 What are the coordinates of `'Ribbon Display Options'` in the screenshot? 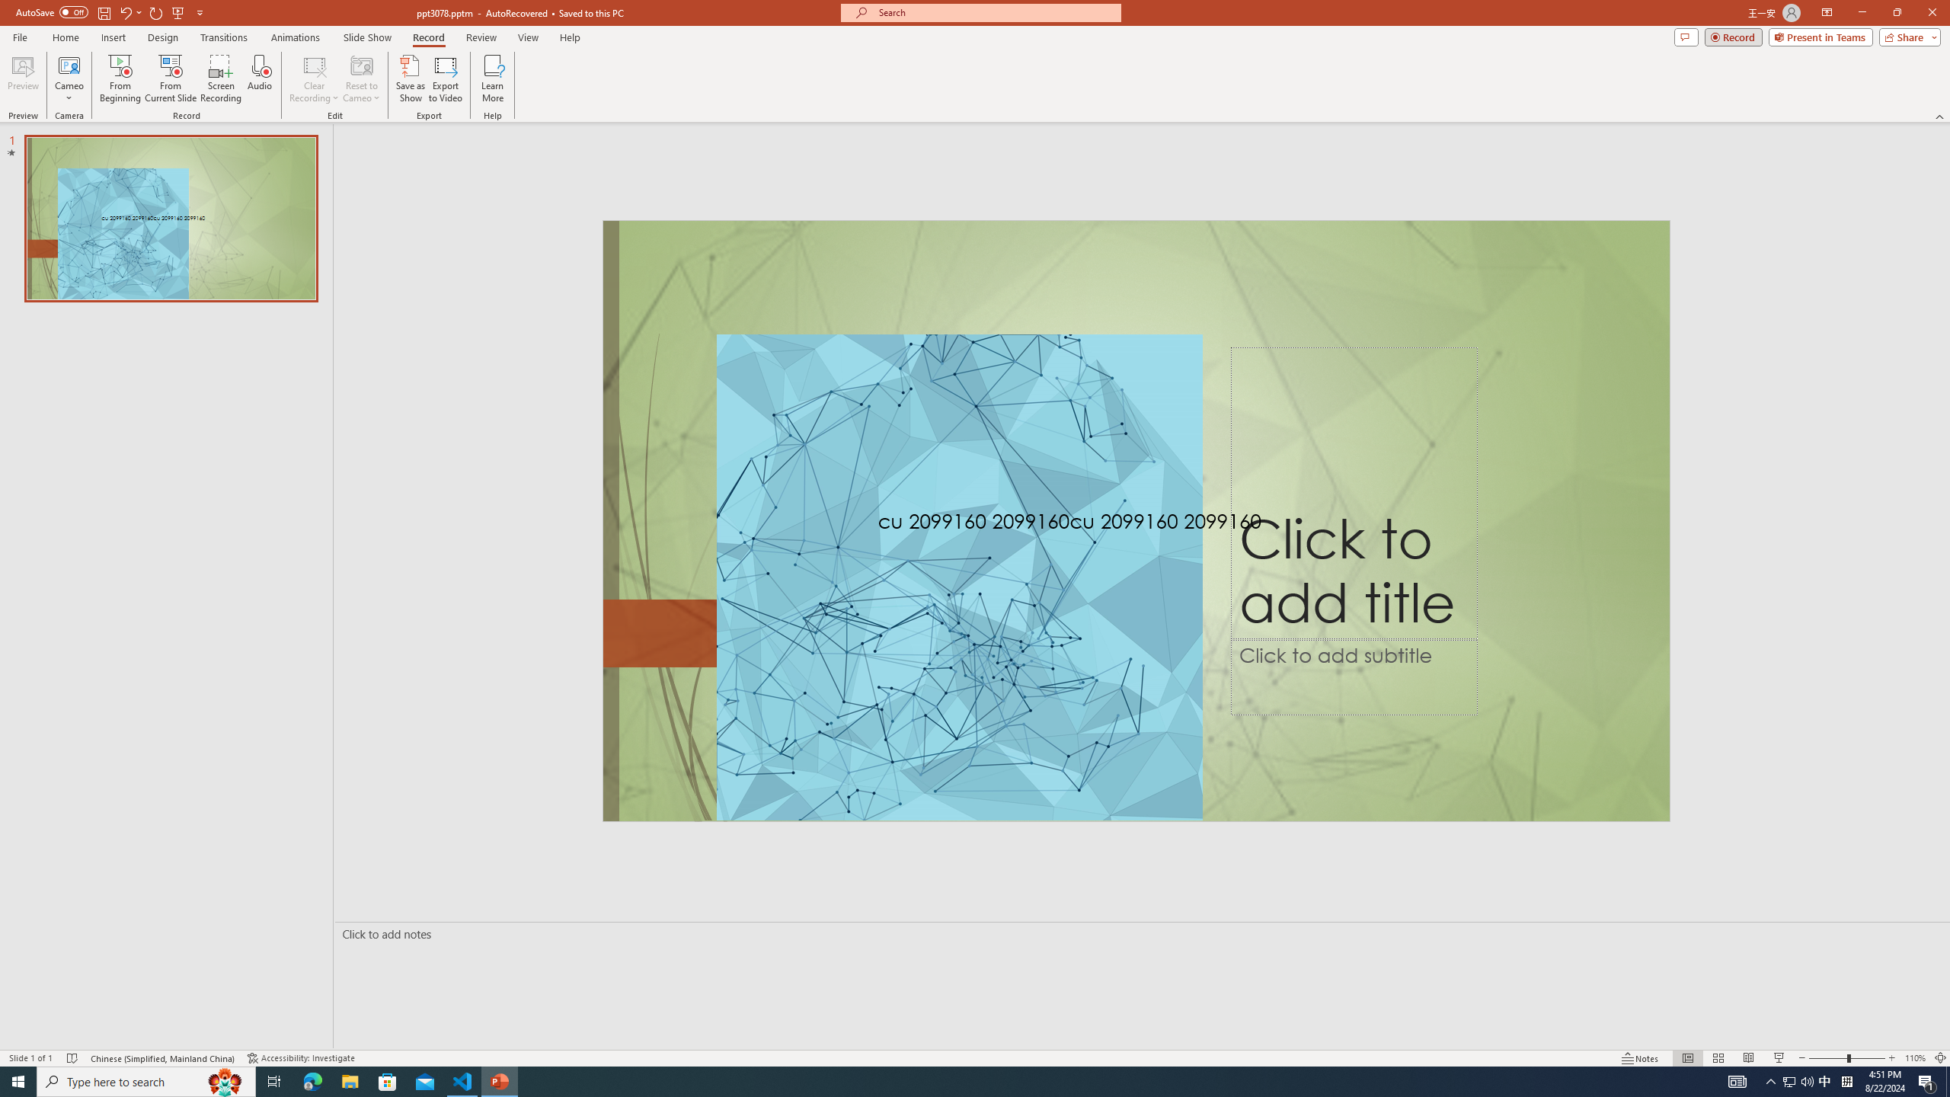 It's located at (1826, 12).